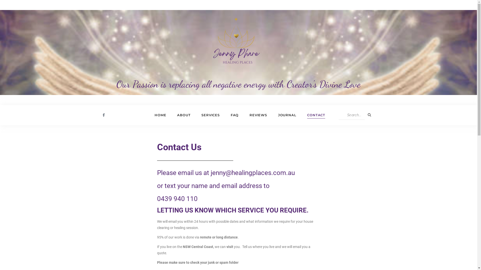 This screenshot has width=481, height=270. What do you see at coordinates (183, 115) in the screenshot?
I see `'ABOUT'` at bounding box center [183, 115].